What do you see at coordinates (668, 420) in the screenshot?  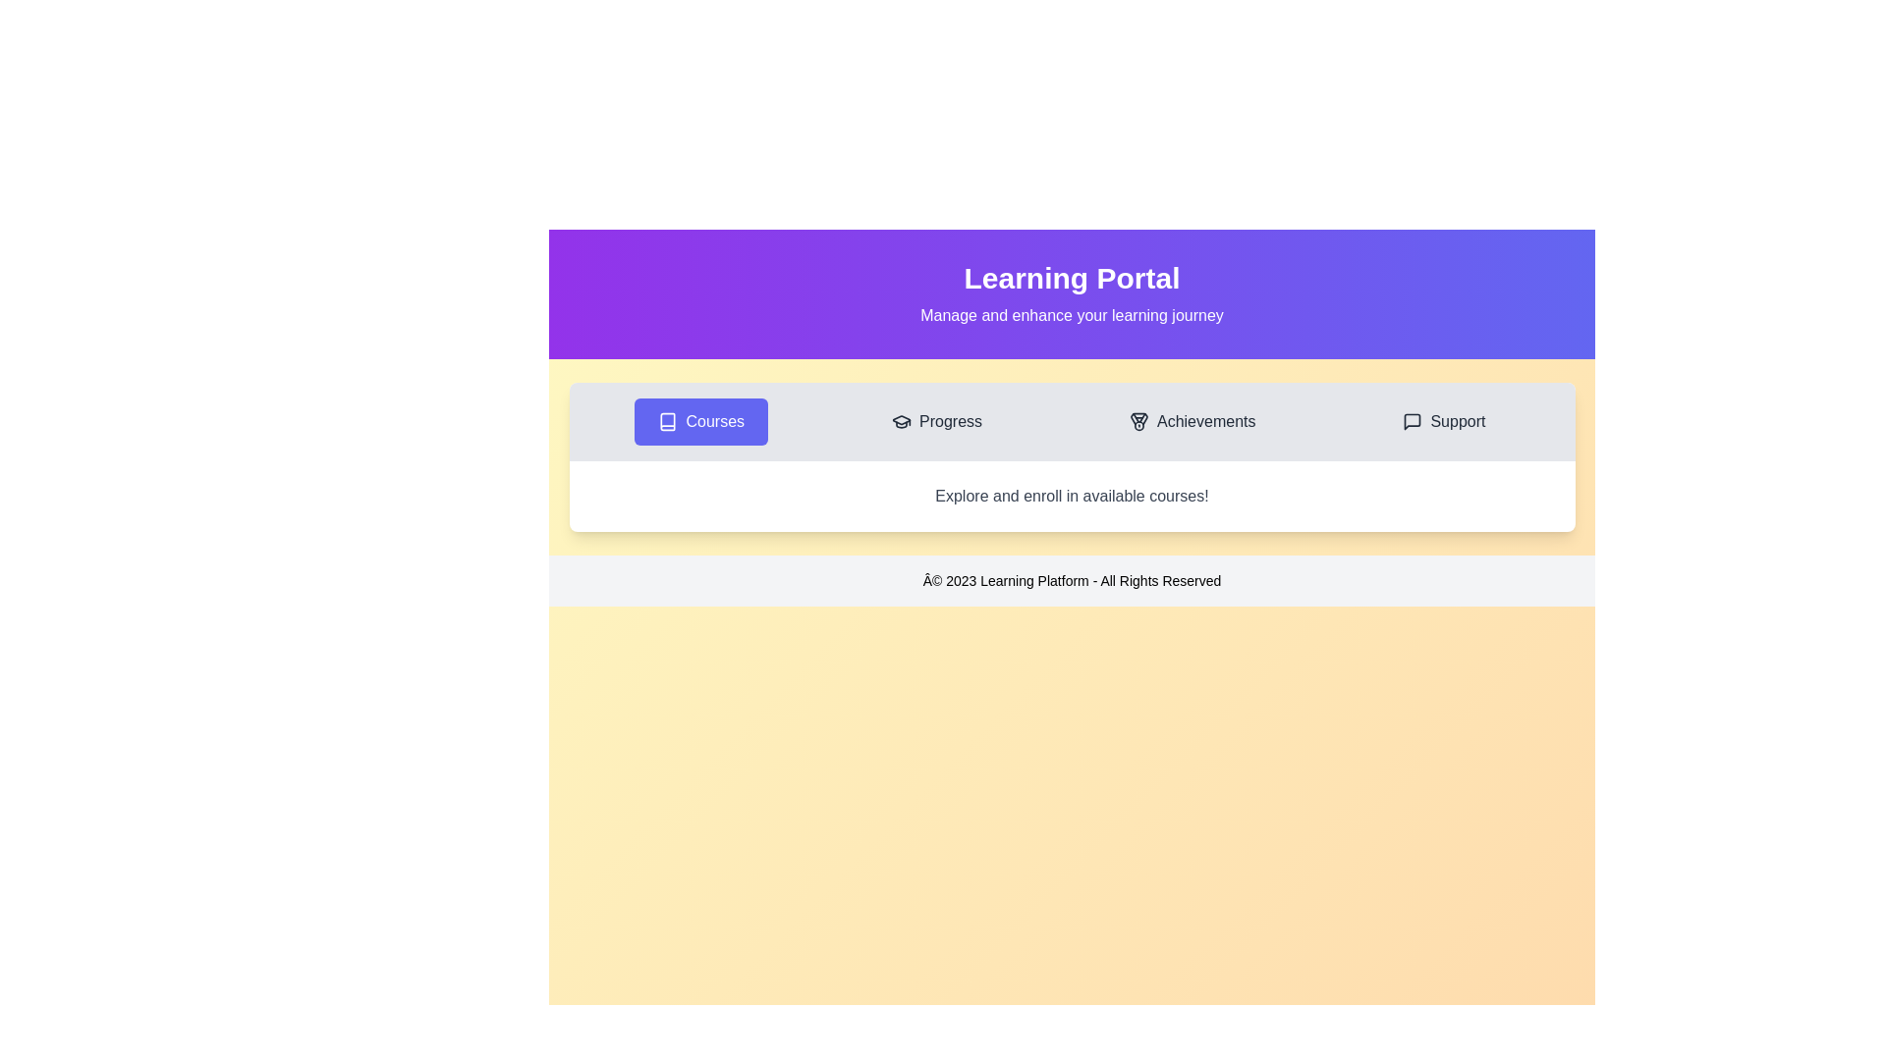 I see `the SVG icon representing the 'Courses' button` at bounding box center [668, 420].